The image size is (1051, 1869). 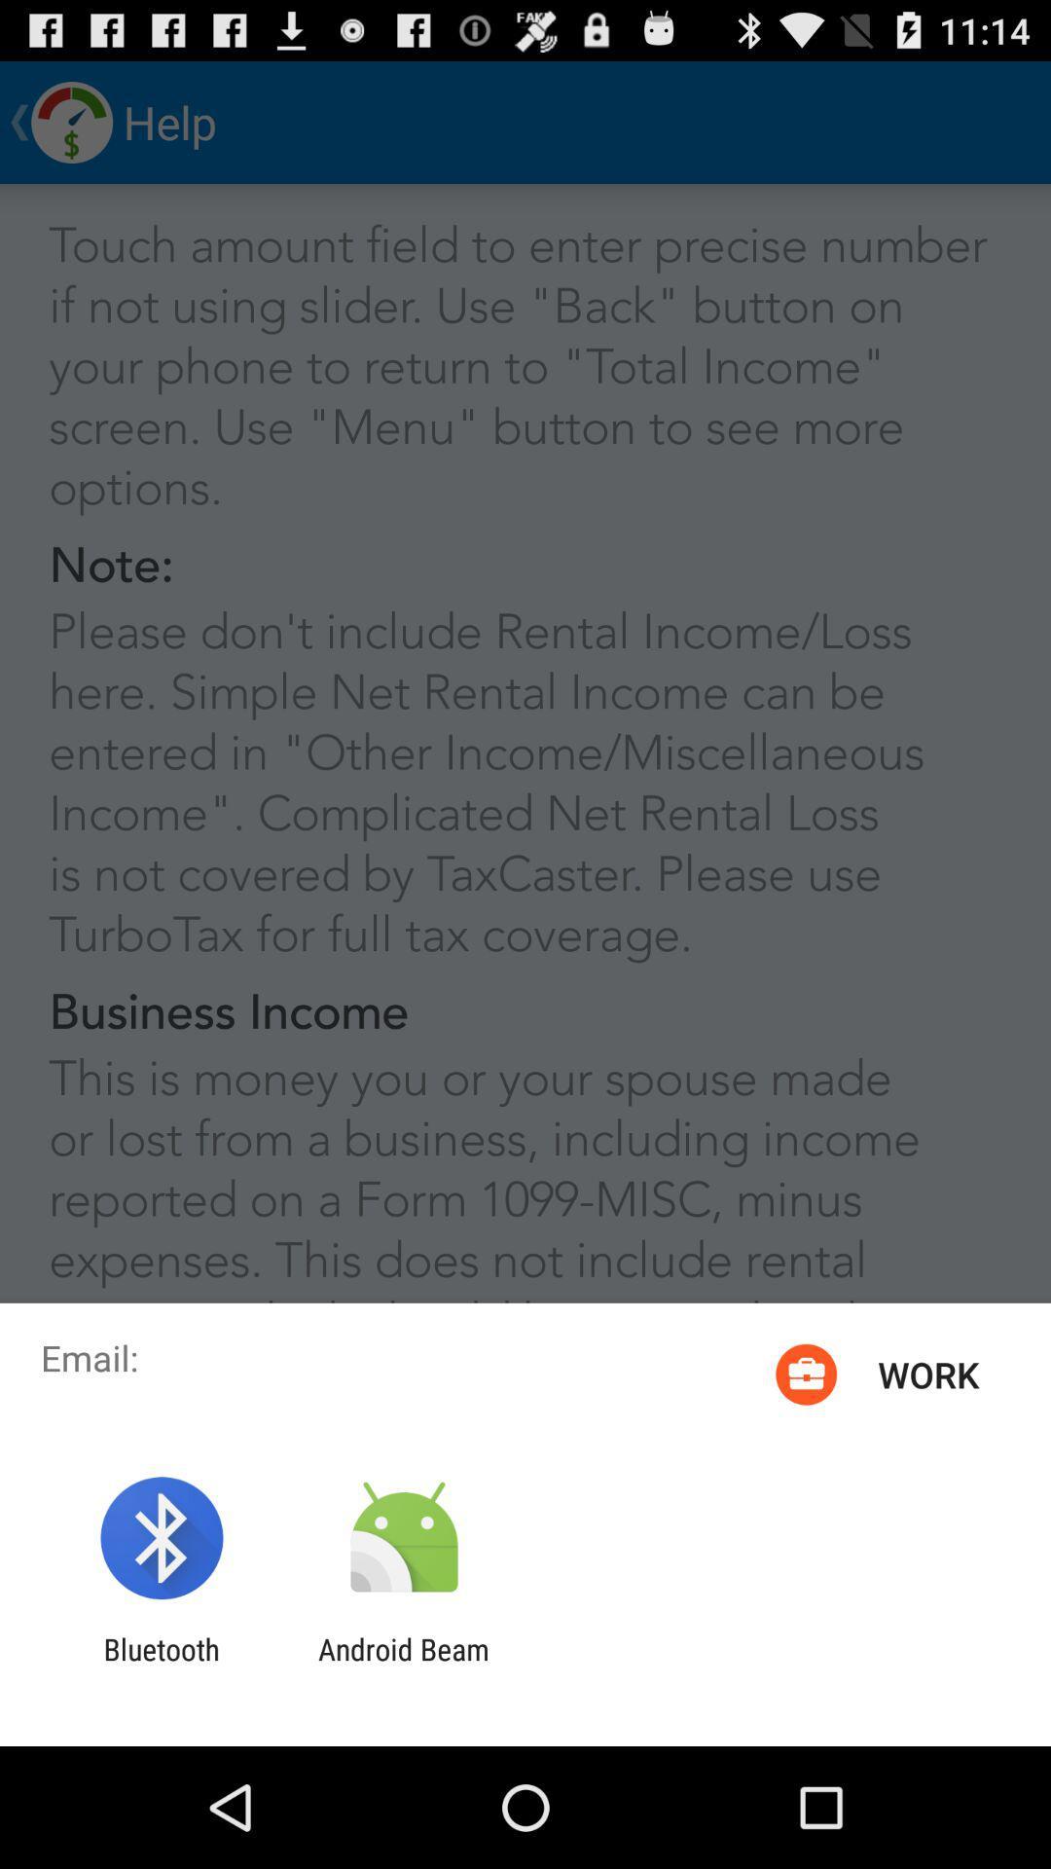 I want to click on the bluetooth item, so click(x=161, y=1666).